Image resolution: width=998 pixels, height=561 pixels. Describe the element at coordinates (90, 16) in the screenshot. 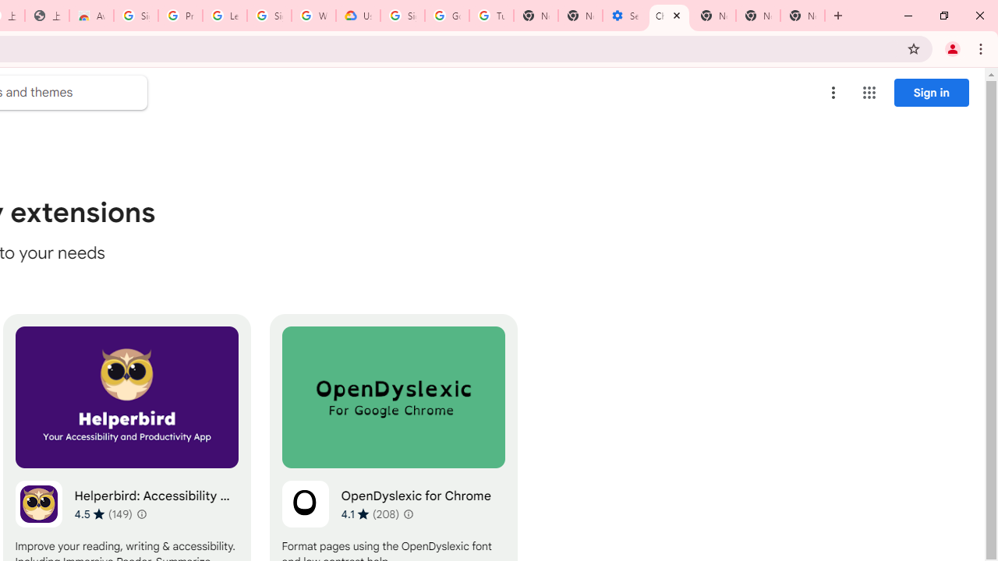

I see `'Awesome Screen Recorder & Screenshot - Chrome Web Store'` at that location.